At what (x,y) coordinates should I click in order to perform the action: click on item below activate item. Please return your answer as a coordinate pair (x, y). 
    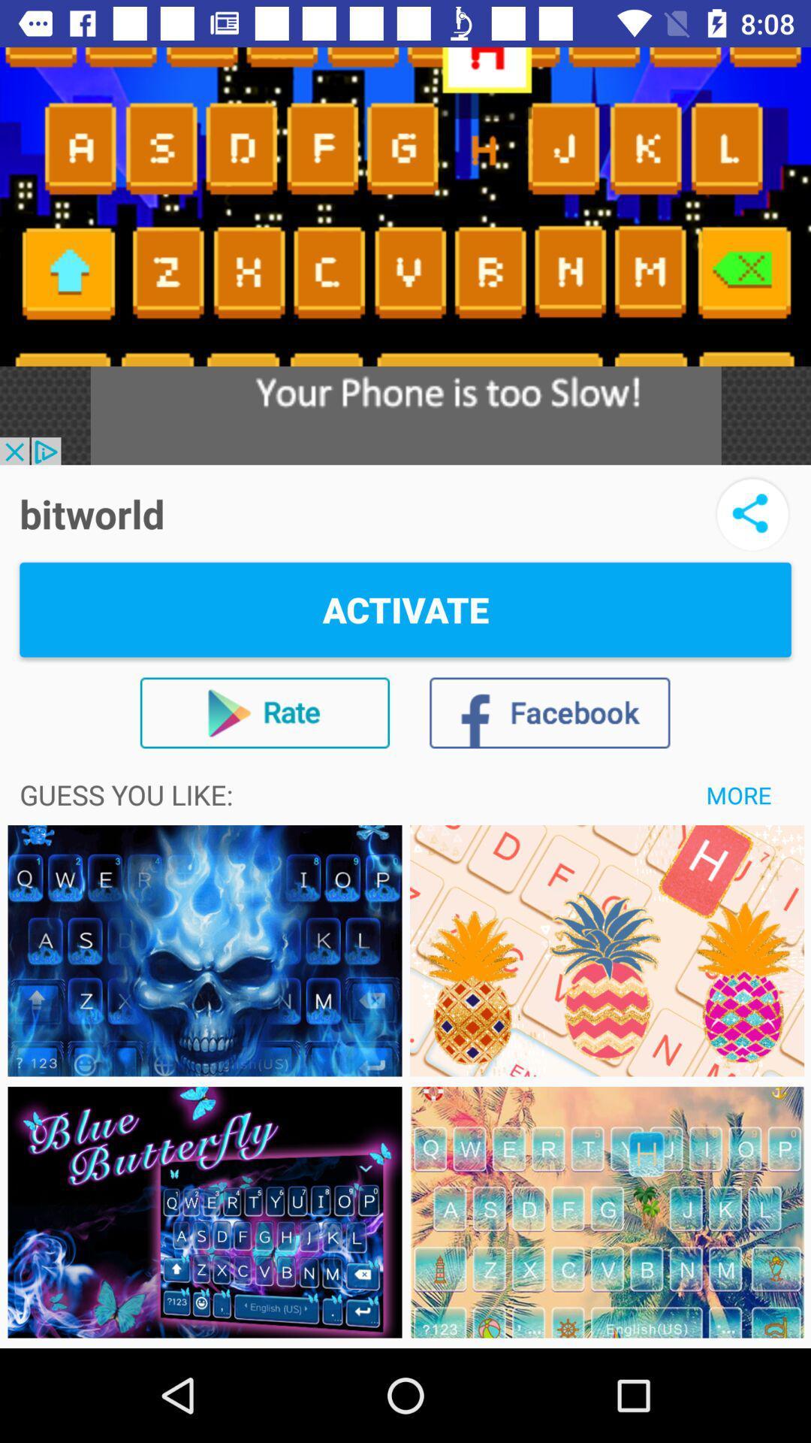
    Looking at the image, I should click on (737, 794).